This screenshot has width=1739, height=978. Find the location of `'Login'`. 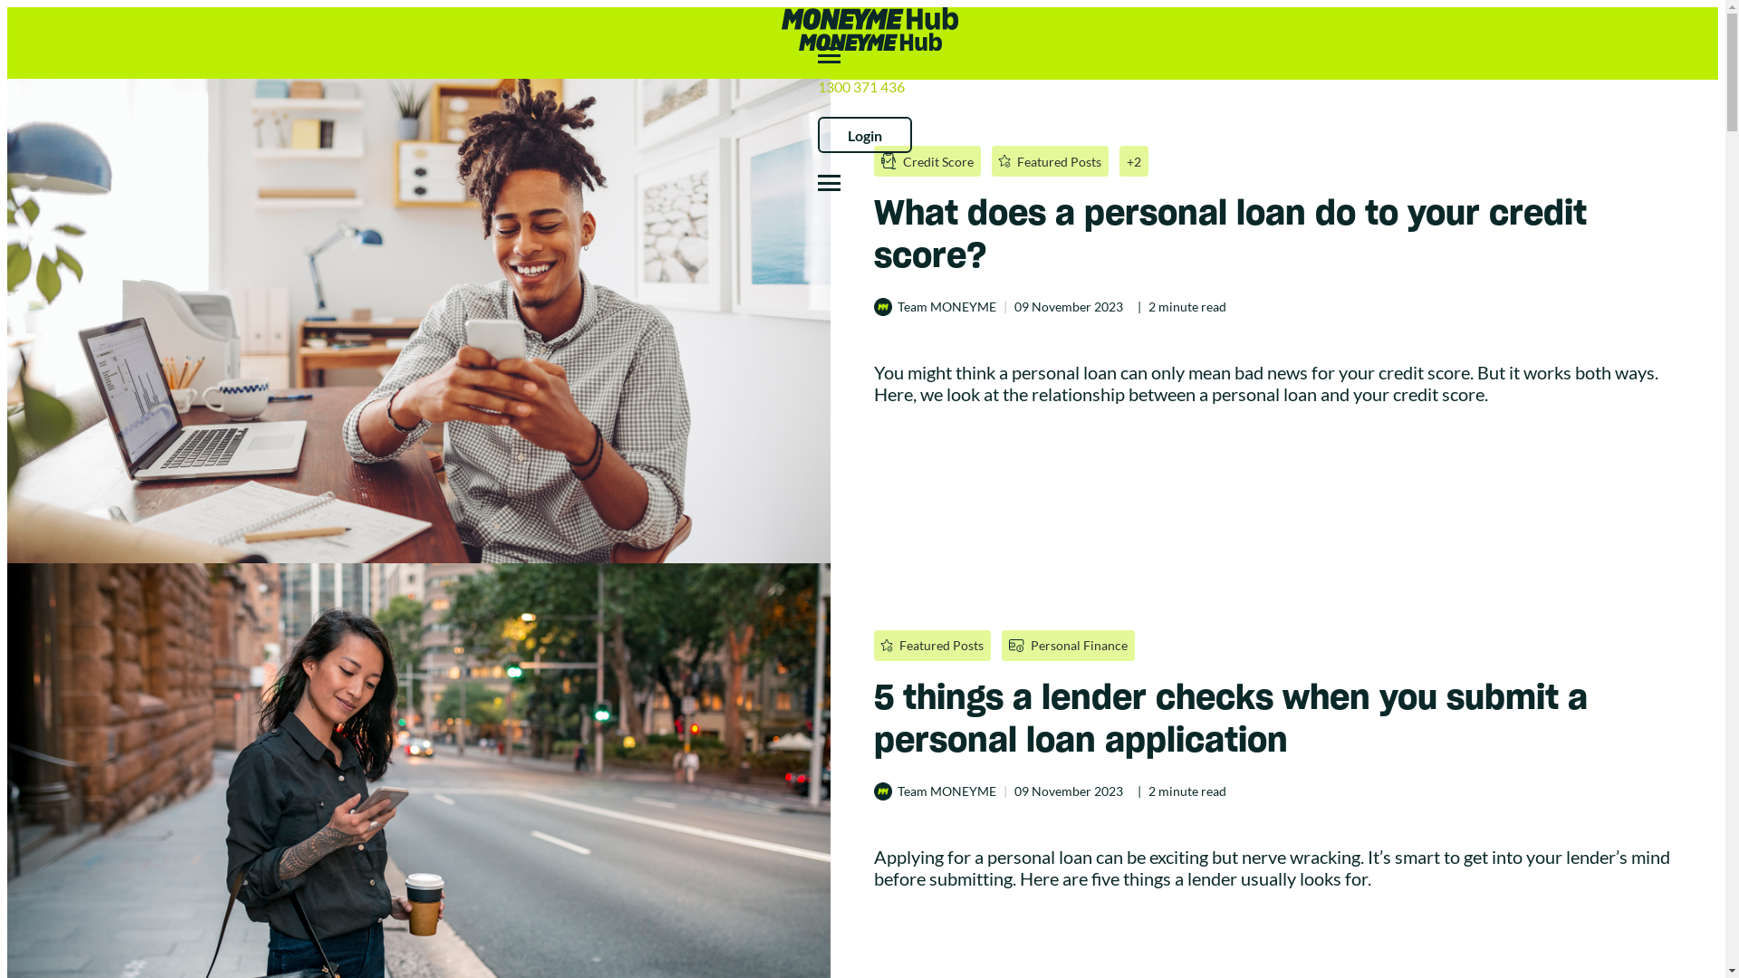

'Login' is located at coordinates (864, 134).